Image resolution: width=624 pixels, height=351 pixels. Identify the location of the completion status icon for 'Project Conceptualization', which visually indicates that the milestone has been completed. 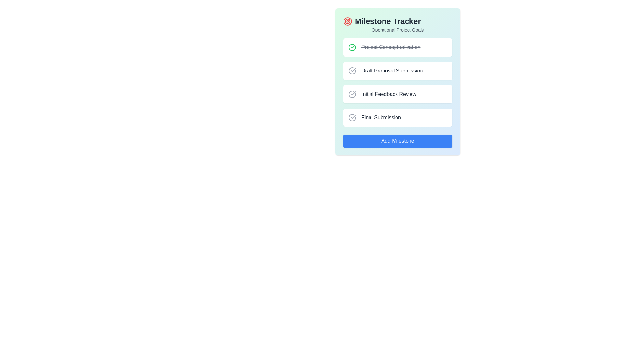
(353, 116).